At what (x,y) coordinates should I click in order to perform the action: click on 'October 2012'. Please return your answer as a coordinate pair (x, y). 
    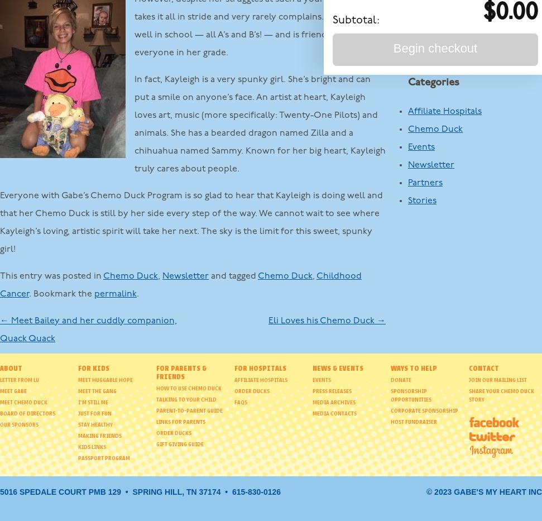
    Looking at the image, I should click on (435, 20).